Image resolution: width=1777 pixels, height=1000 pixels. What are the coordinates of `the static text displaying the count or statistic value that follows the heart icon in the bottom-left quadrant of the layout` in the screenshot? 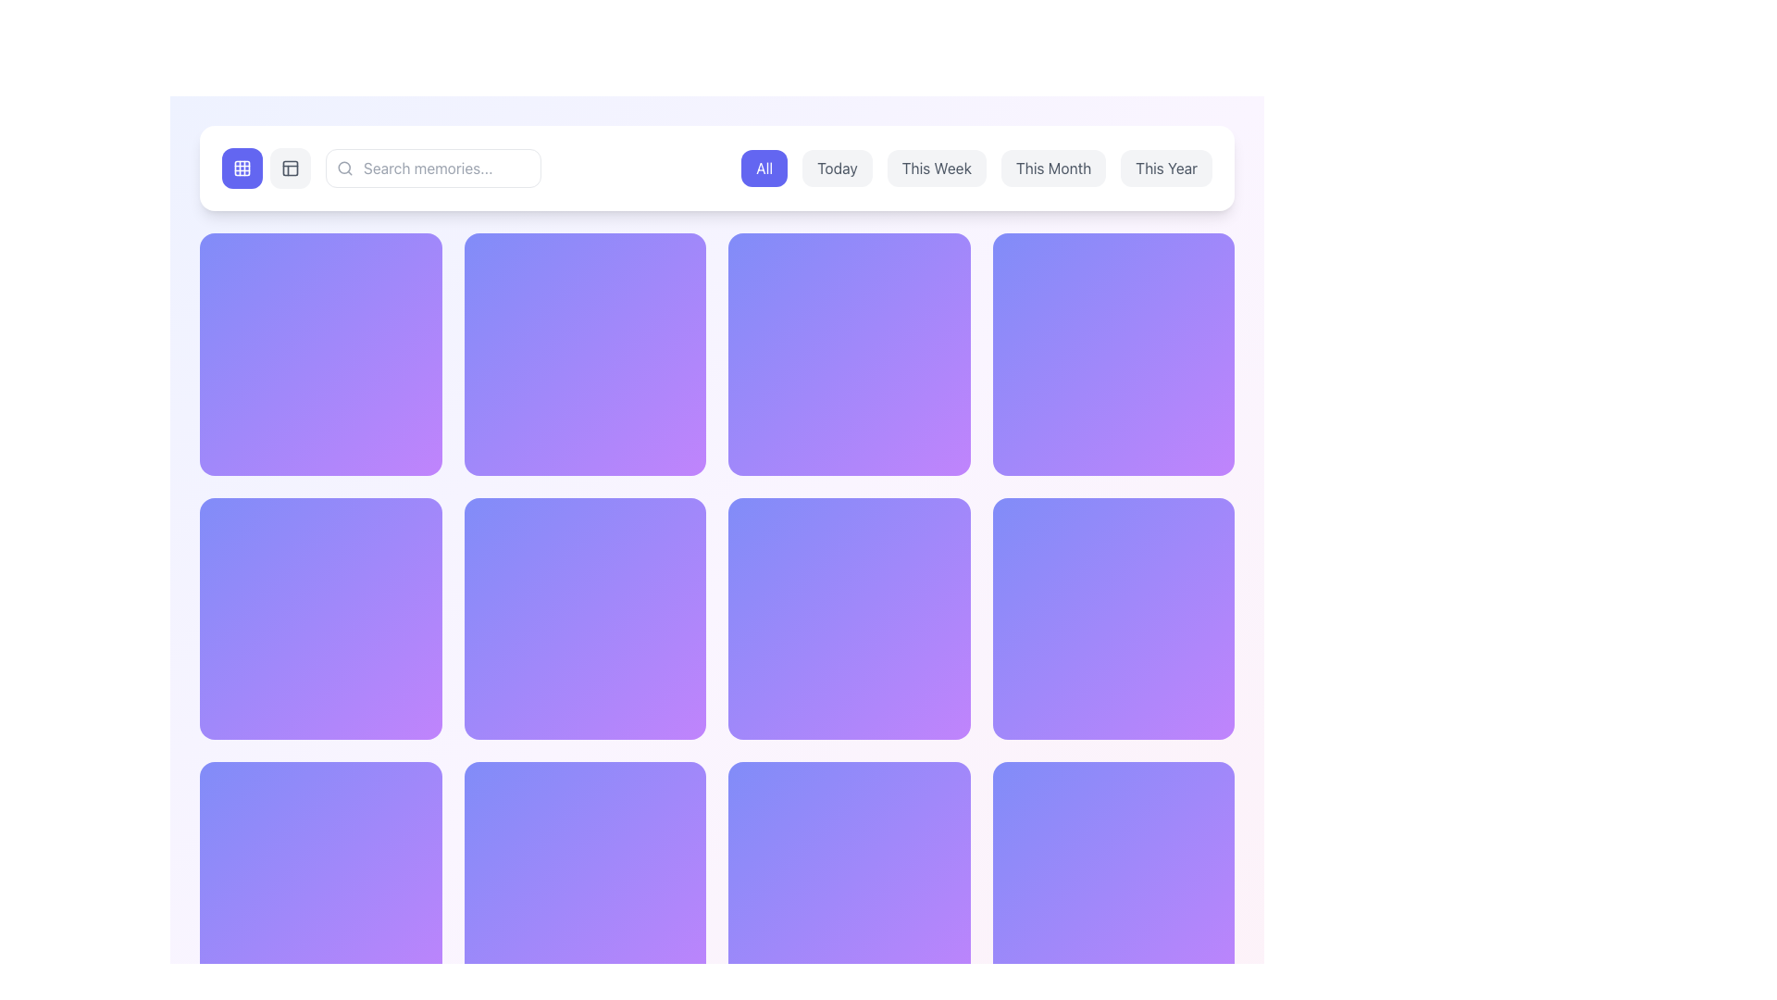 It's located at (238, 714).